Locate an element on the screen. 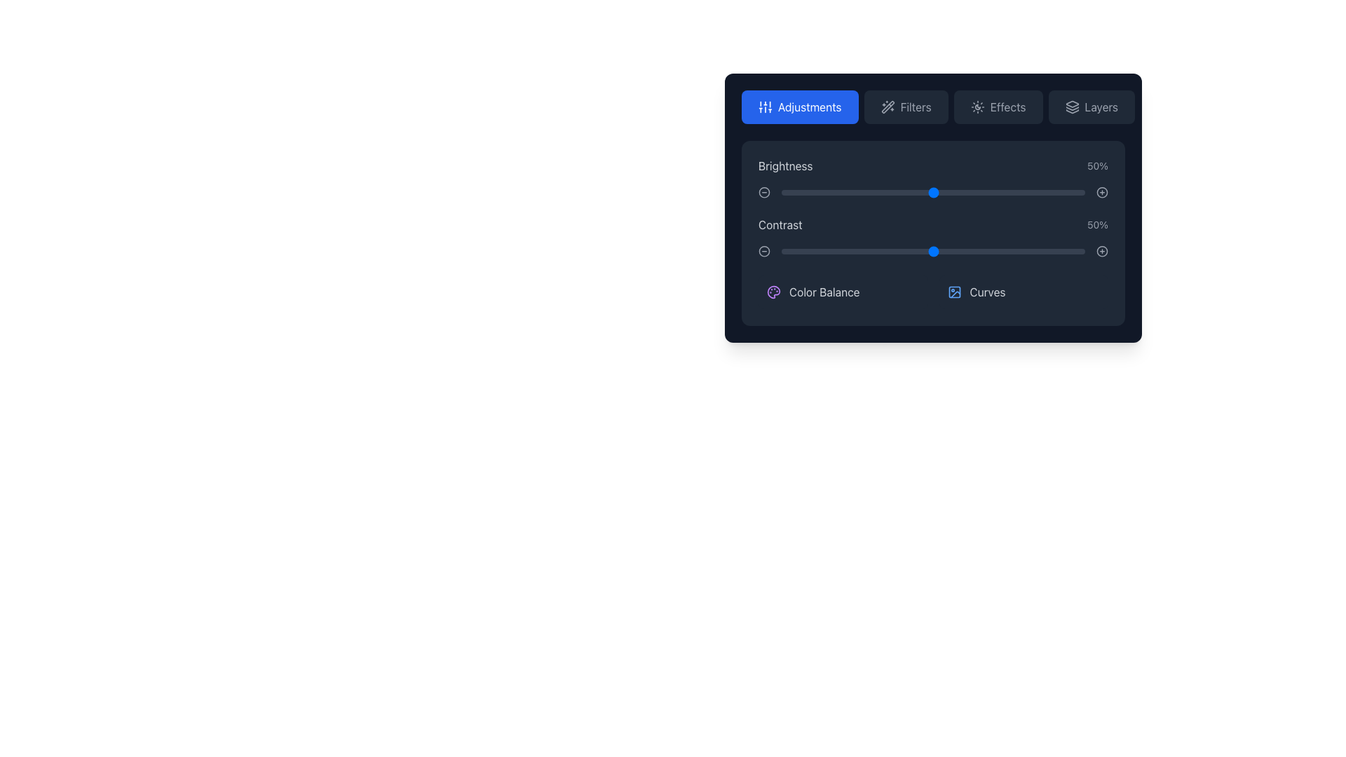 This screenshot has height=757, width=1346. the brightness value is located at coordinates (903, 192).